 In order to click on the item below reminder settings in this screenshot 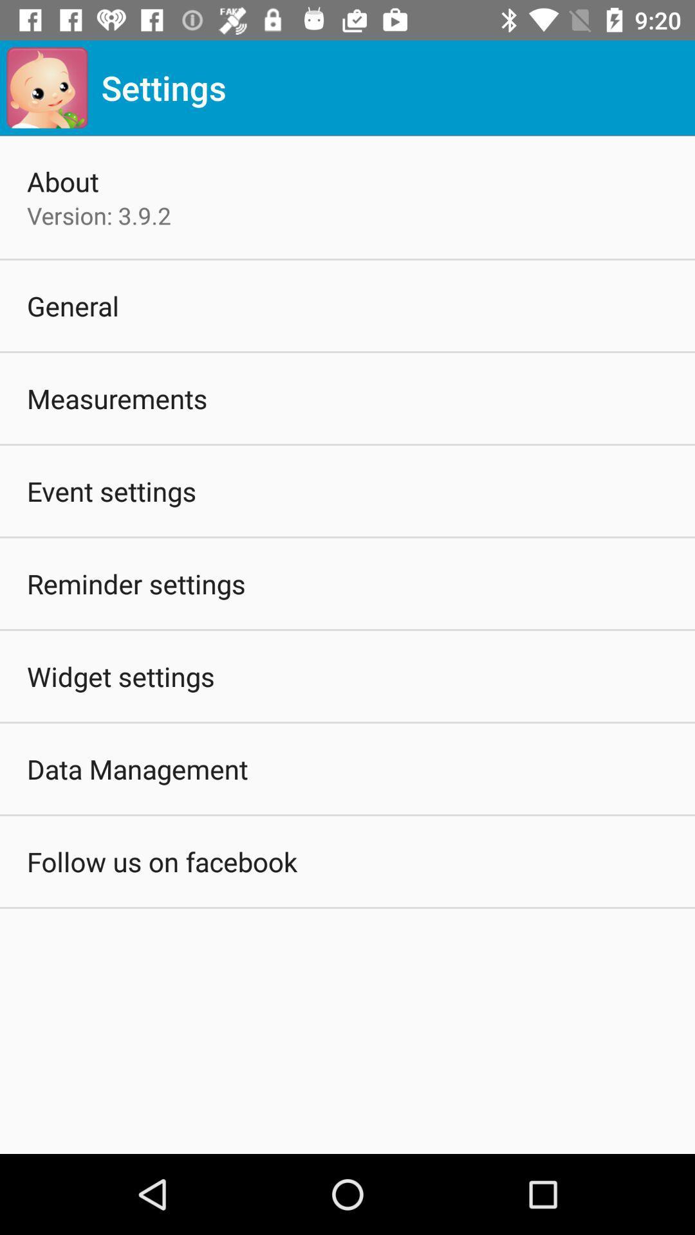, I will do `click(120, 675)`.